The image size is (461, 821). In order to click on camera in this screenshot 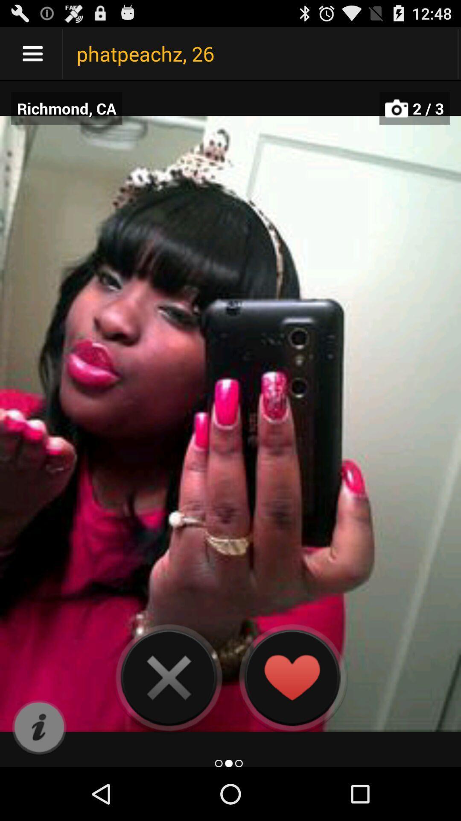, I will do `click(169, 677)`.